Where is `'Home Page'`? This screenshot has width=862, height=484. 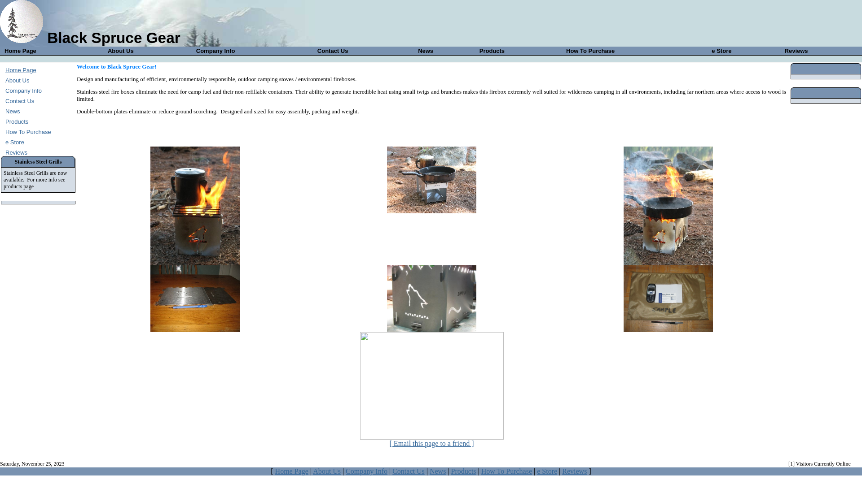 'Home Page' is located at coordinates (291, 471).